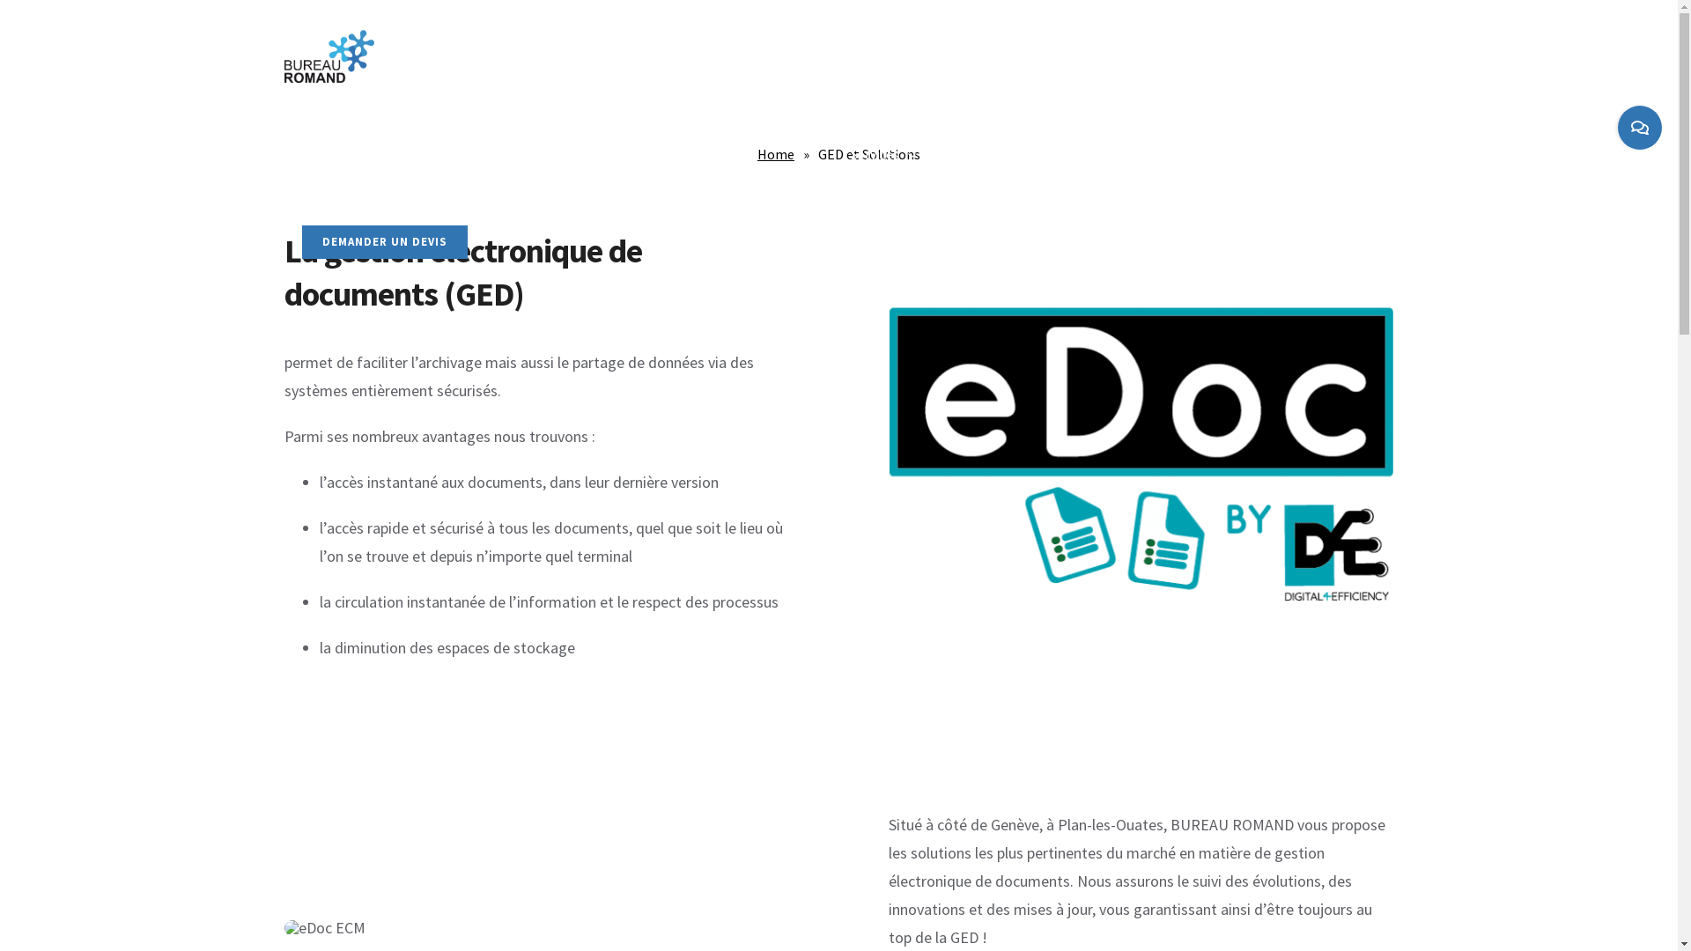 The image size is (1691, 951). I want to click on 'Home', so click(775, 152).